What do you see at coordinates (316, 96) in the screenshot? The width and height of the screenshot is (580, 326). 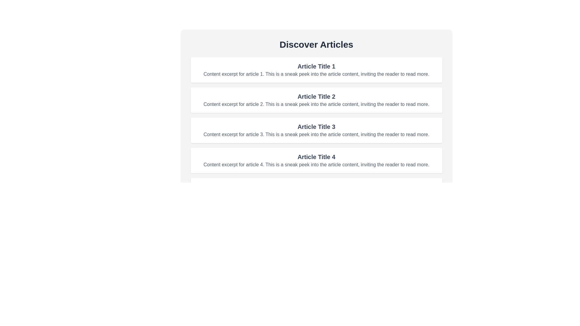 I see `the text label displaying 'Article Title 2', which is styled in a large, bold font and located at the top-center of the second article card in a vertical list` at bounding box center [316, 96].